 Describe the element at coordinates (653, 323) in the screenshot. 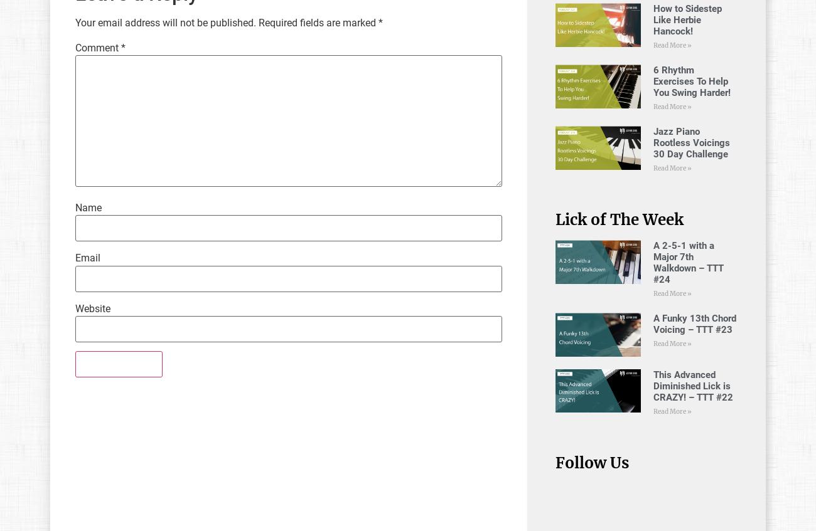

I see `'A Funky 13th Chord Voicing – TTT #23'` at that location.